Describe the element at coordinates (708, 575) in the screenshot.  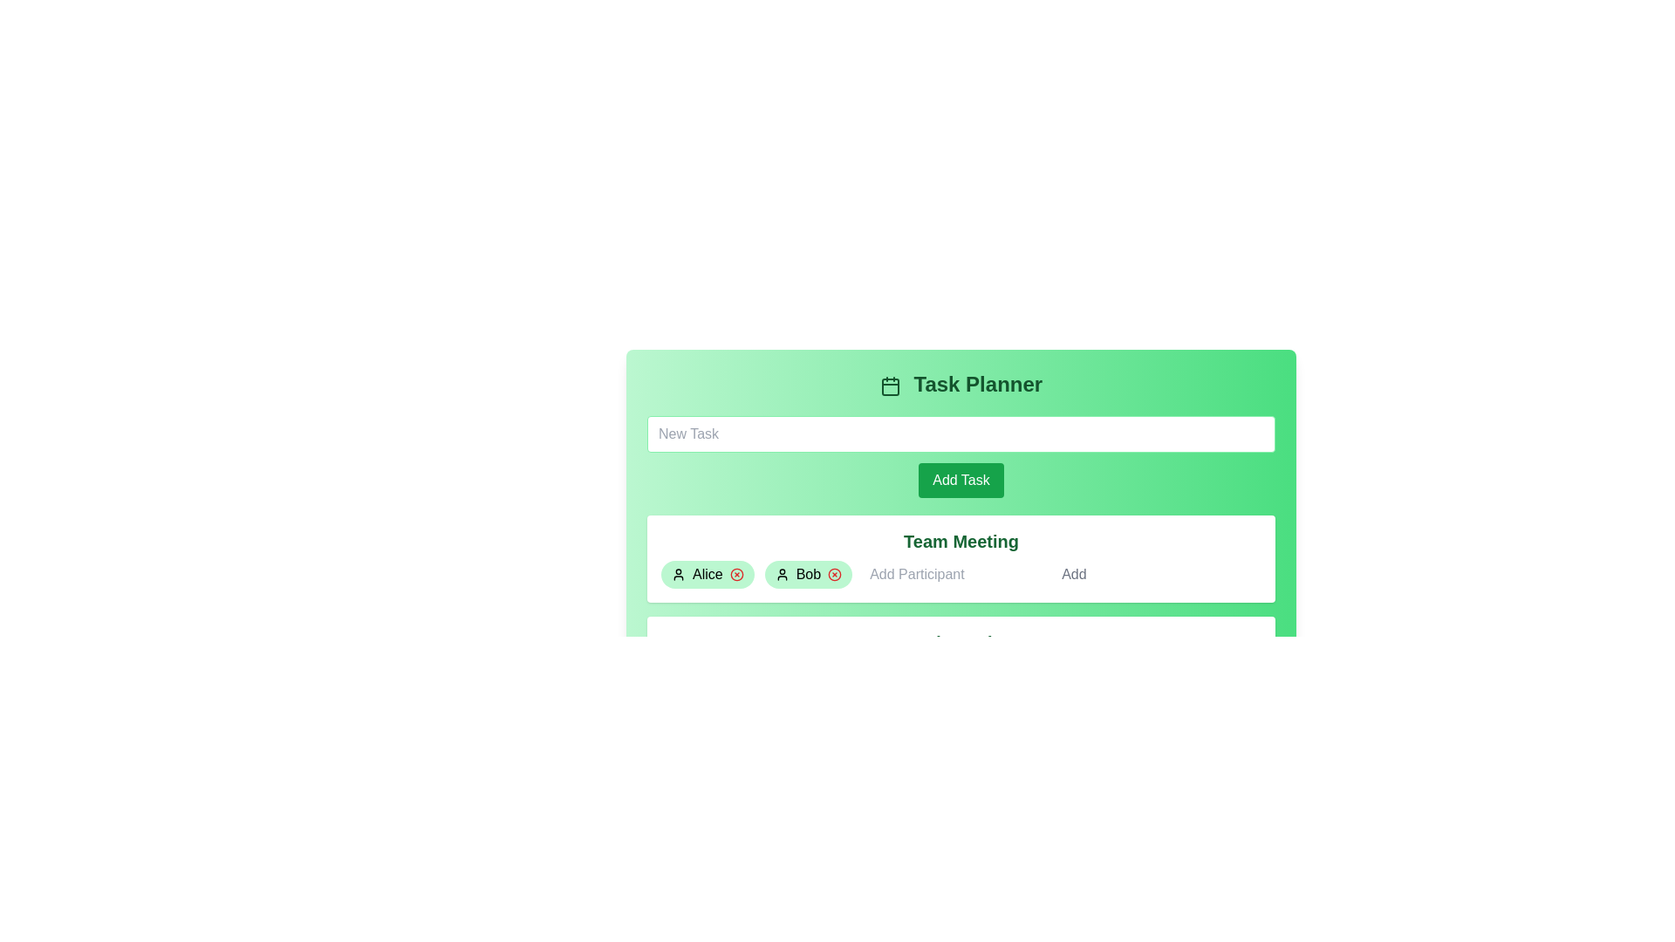
I see `the text label representing the participant 'Alice' in the 'Team Meeting' section for interaction` at that location.